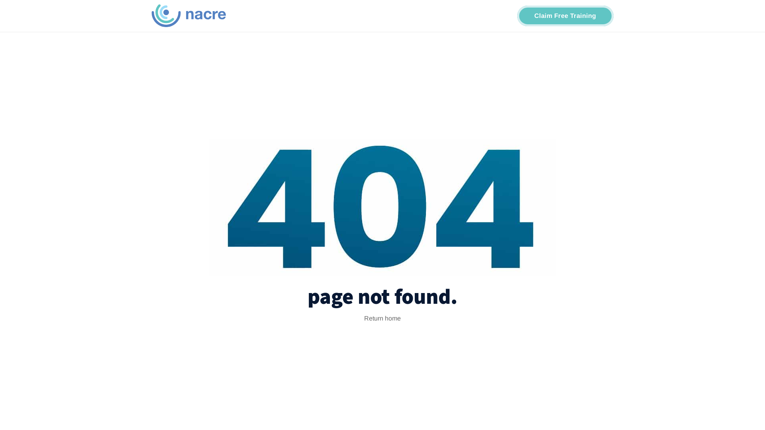  What do you see at coordinates (382, 318) in the screenshot?
I see `'Return home'` at bounding box center [382, 318].